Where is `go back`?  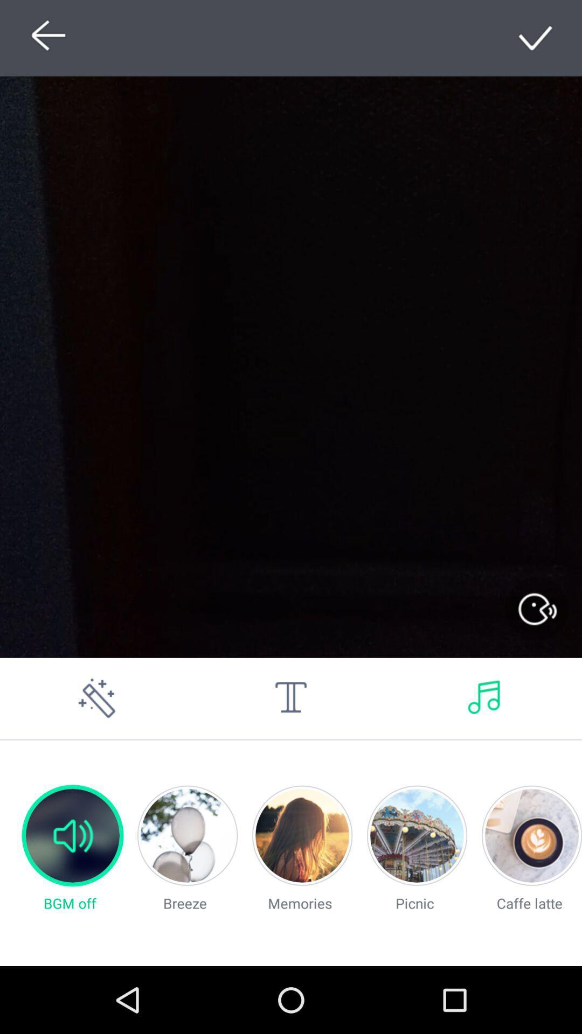 go back is located at coordinates (45, 38).